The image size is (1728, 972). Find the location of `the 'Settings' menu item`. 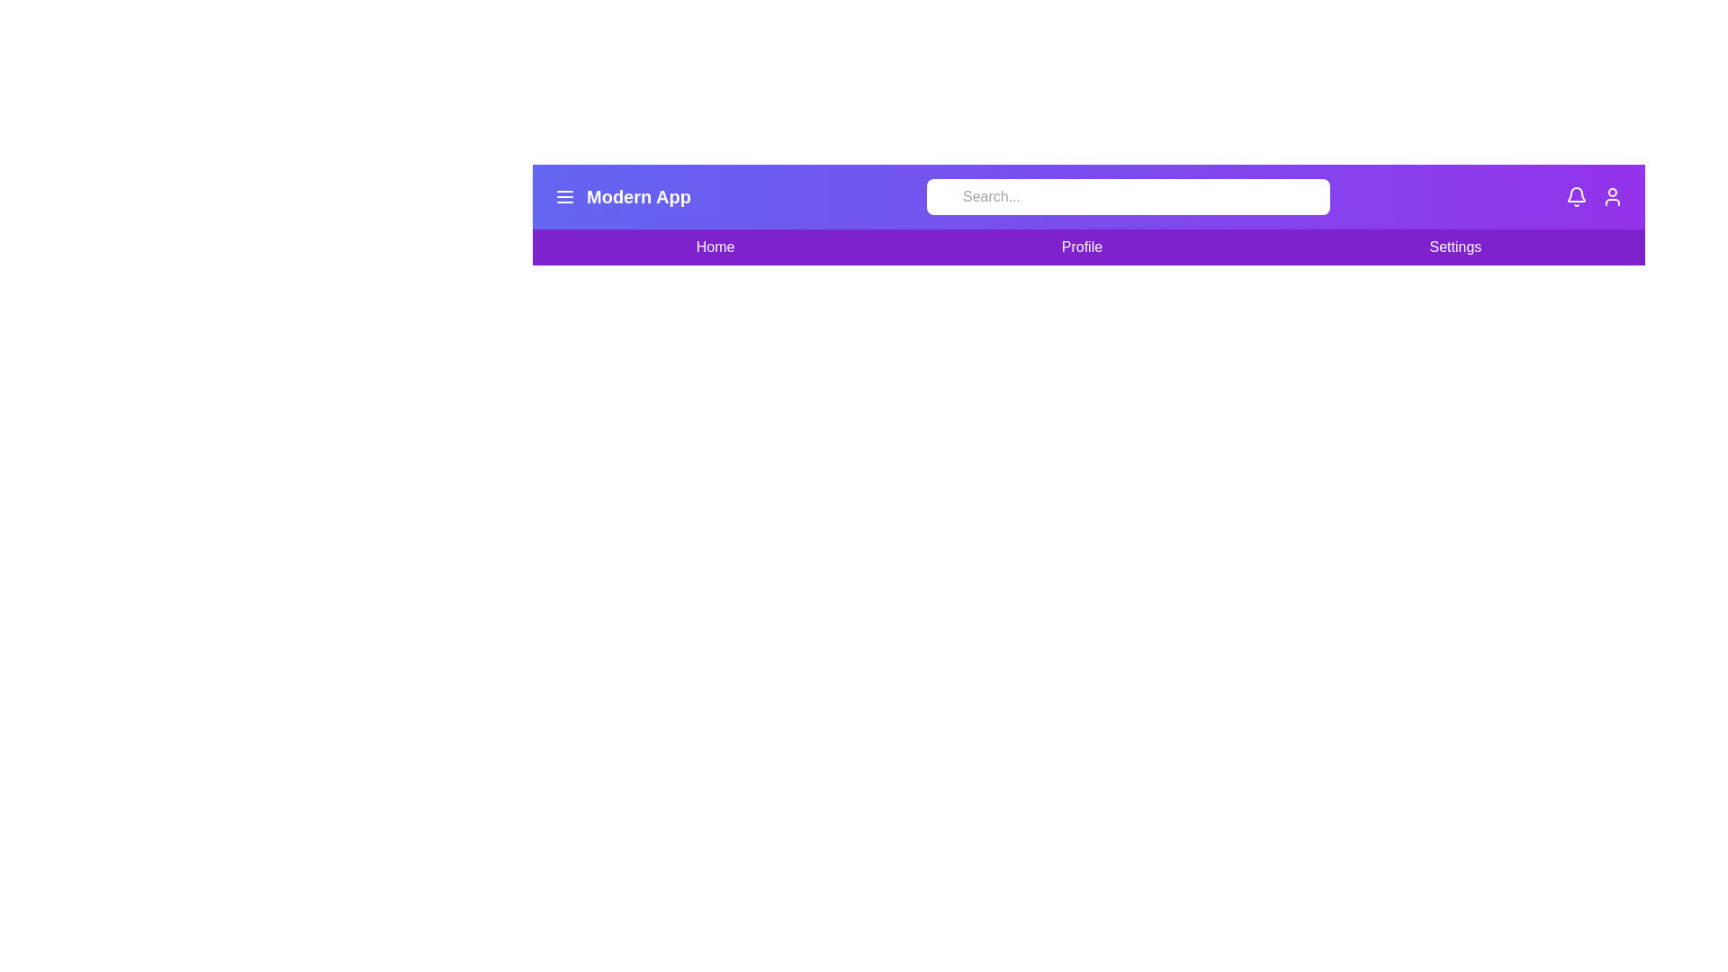

the 'Settings' menu item is located at coordinates (1455, 247).